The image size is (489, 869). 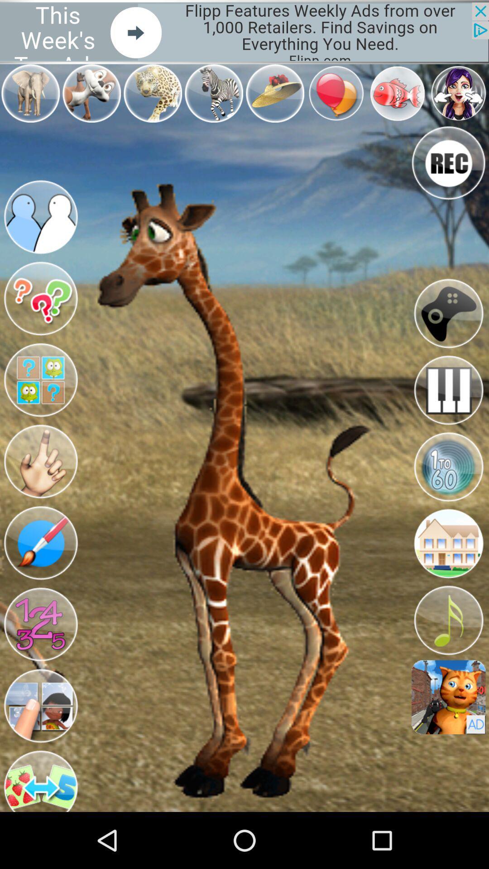 What do you see at coordinates (448, 582) in the screenshot?
I see `the home icon` at bounding box center [448, 582].